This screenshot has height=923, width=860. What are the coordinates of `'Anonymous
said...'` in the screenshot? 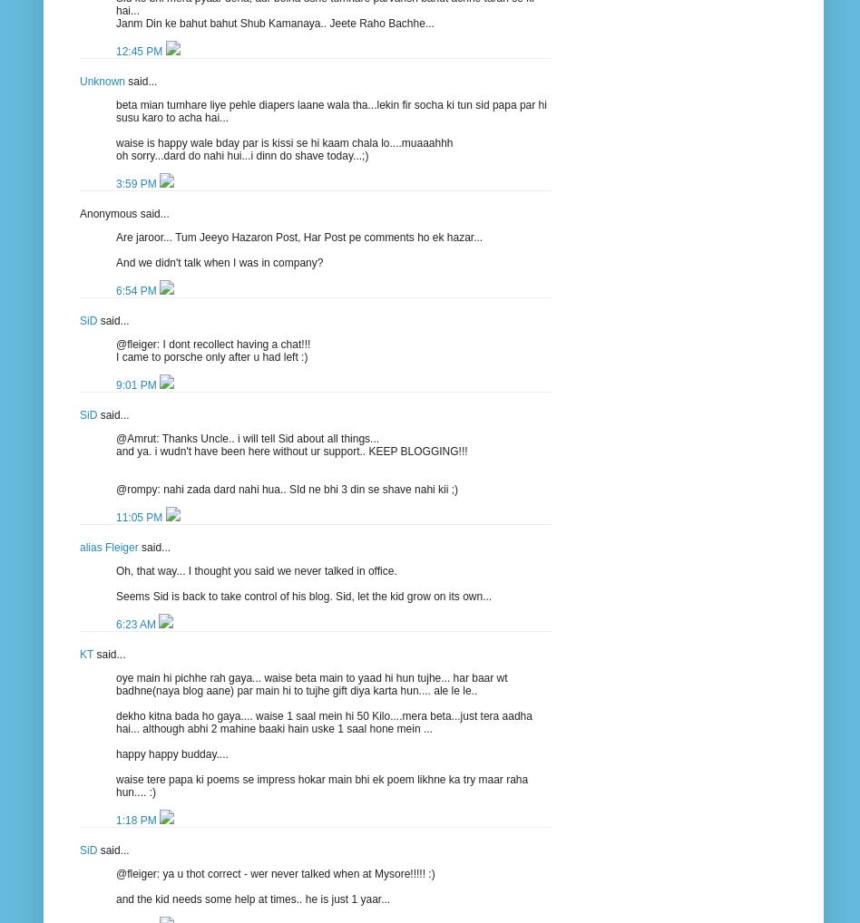 It's located at (122, 211).